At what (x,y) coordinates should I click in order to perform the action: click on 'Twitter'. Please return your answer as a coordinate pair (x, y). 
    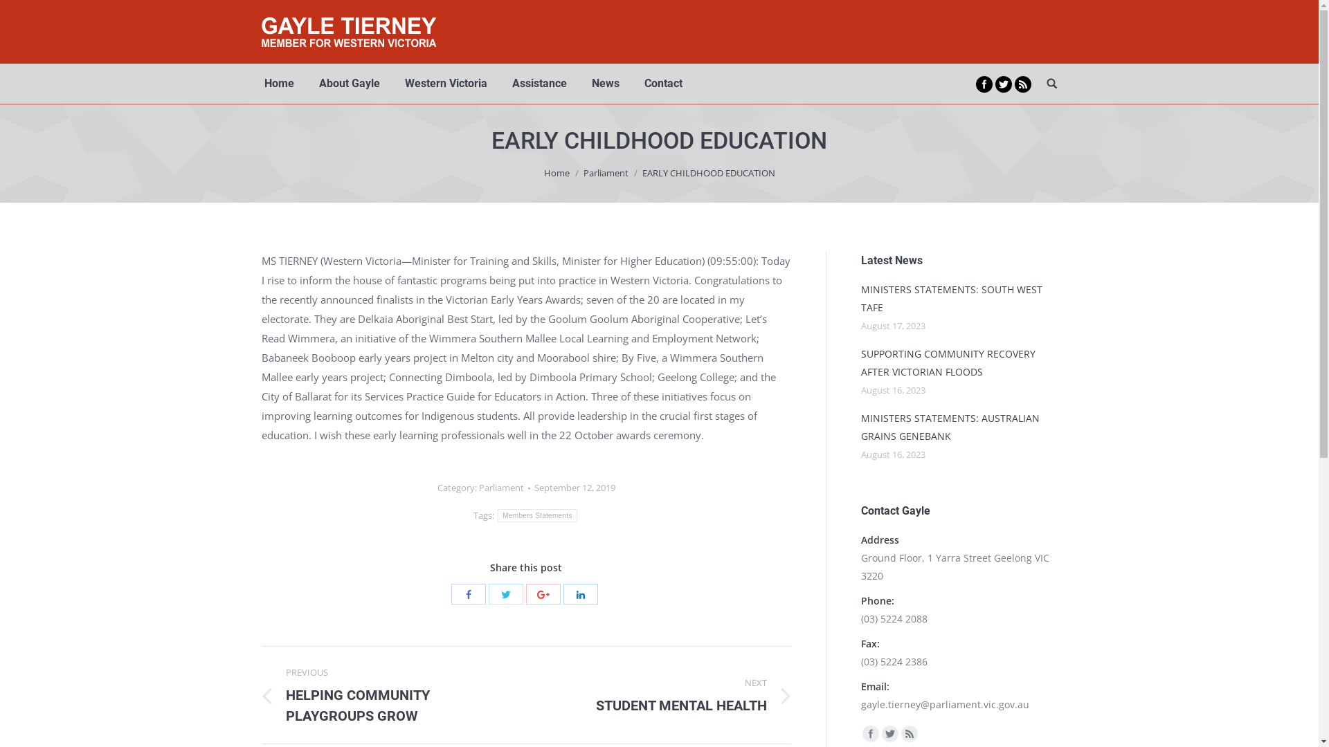
    Looking at the image, I should click on (1003, 84).